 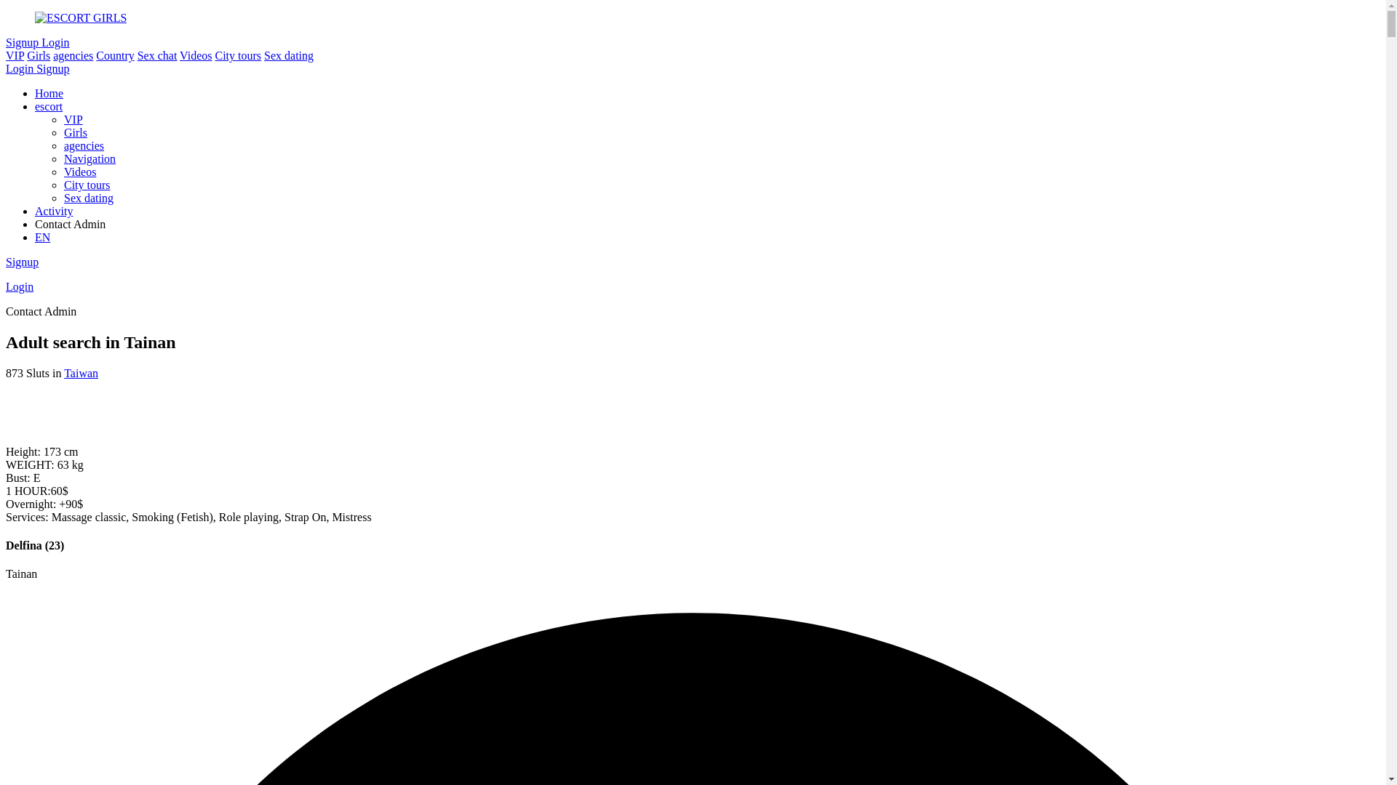 I want to click on 'Sex dating', so click(x=63, y=198).